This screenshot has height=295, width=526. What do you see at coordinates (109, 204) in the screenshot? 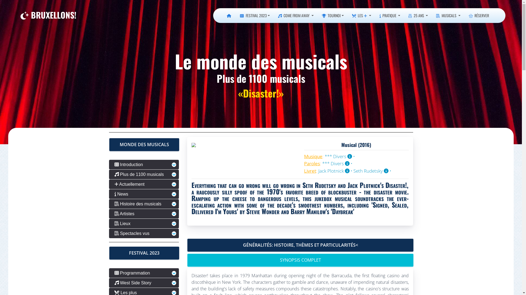
I see `'Histoire des musicals'` at bounding box center [109, 204].